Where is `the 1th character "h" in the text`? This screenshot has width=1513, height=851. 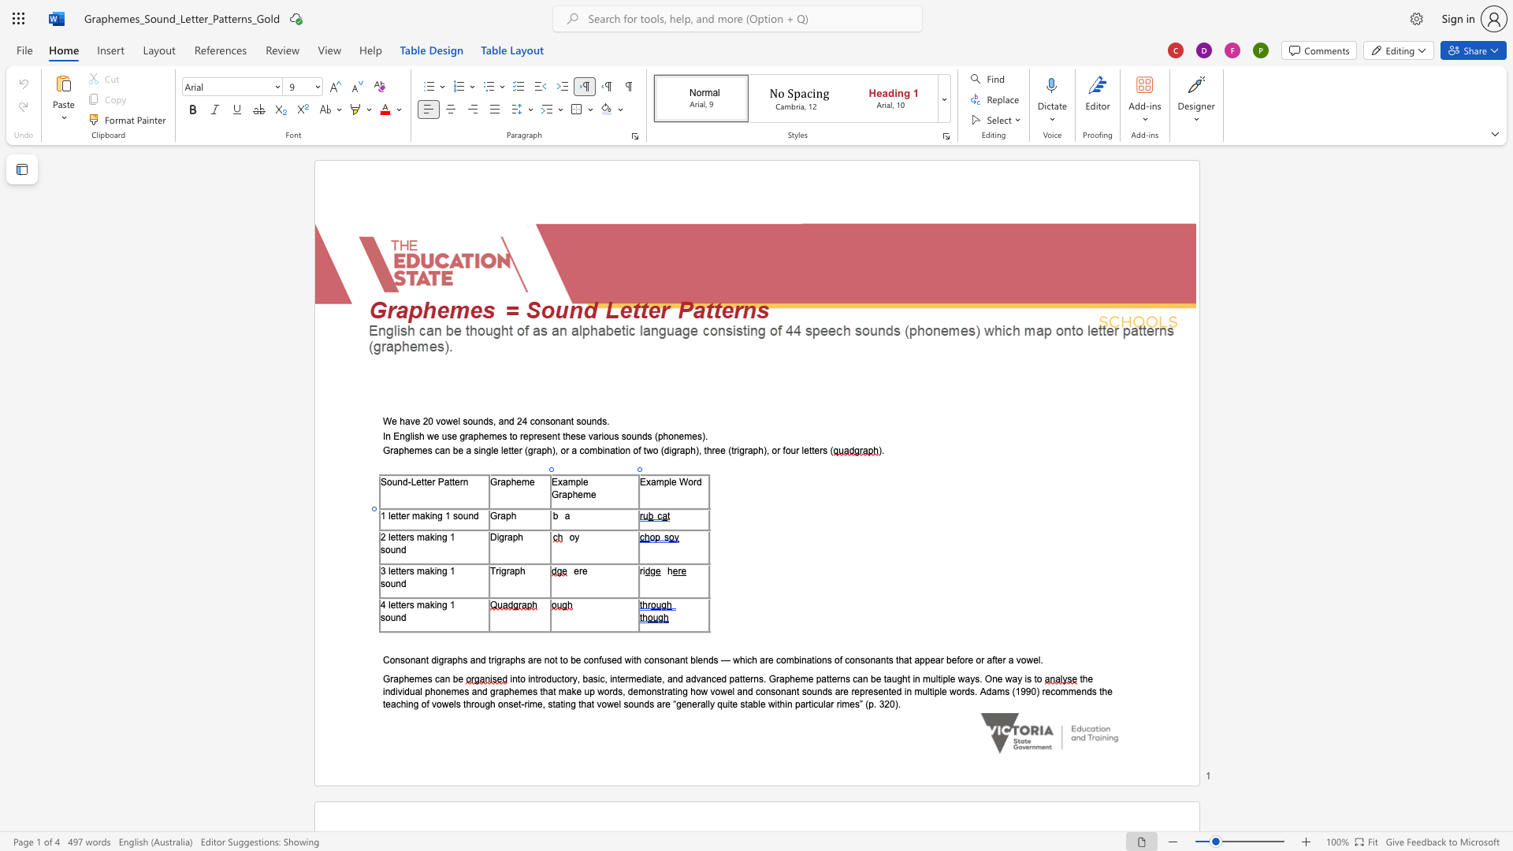 the 1th character "h" in the text is located at coordinates (514, 515).